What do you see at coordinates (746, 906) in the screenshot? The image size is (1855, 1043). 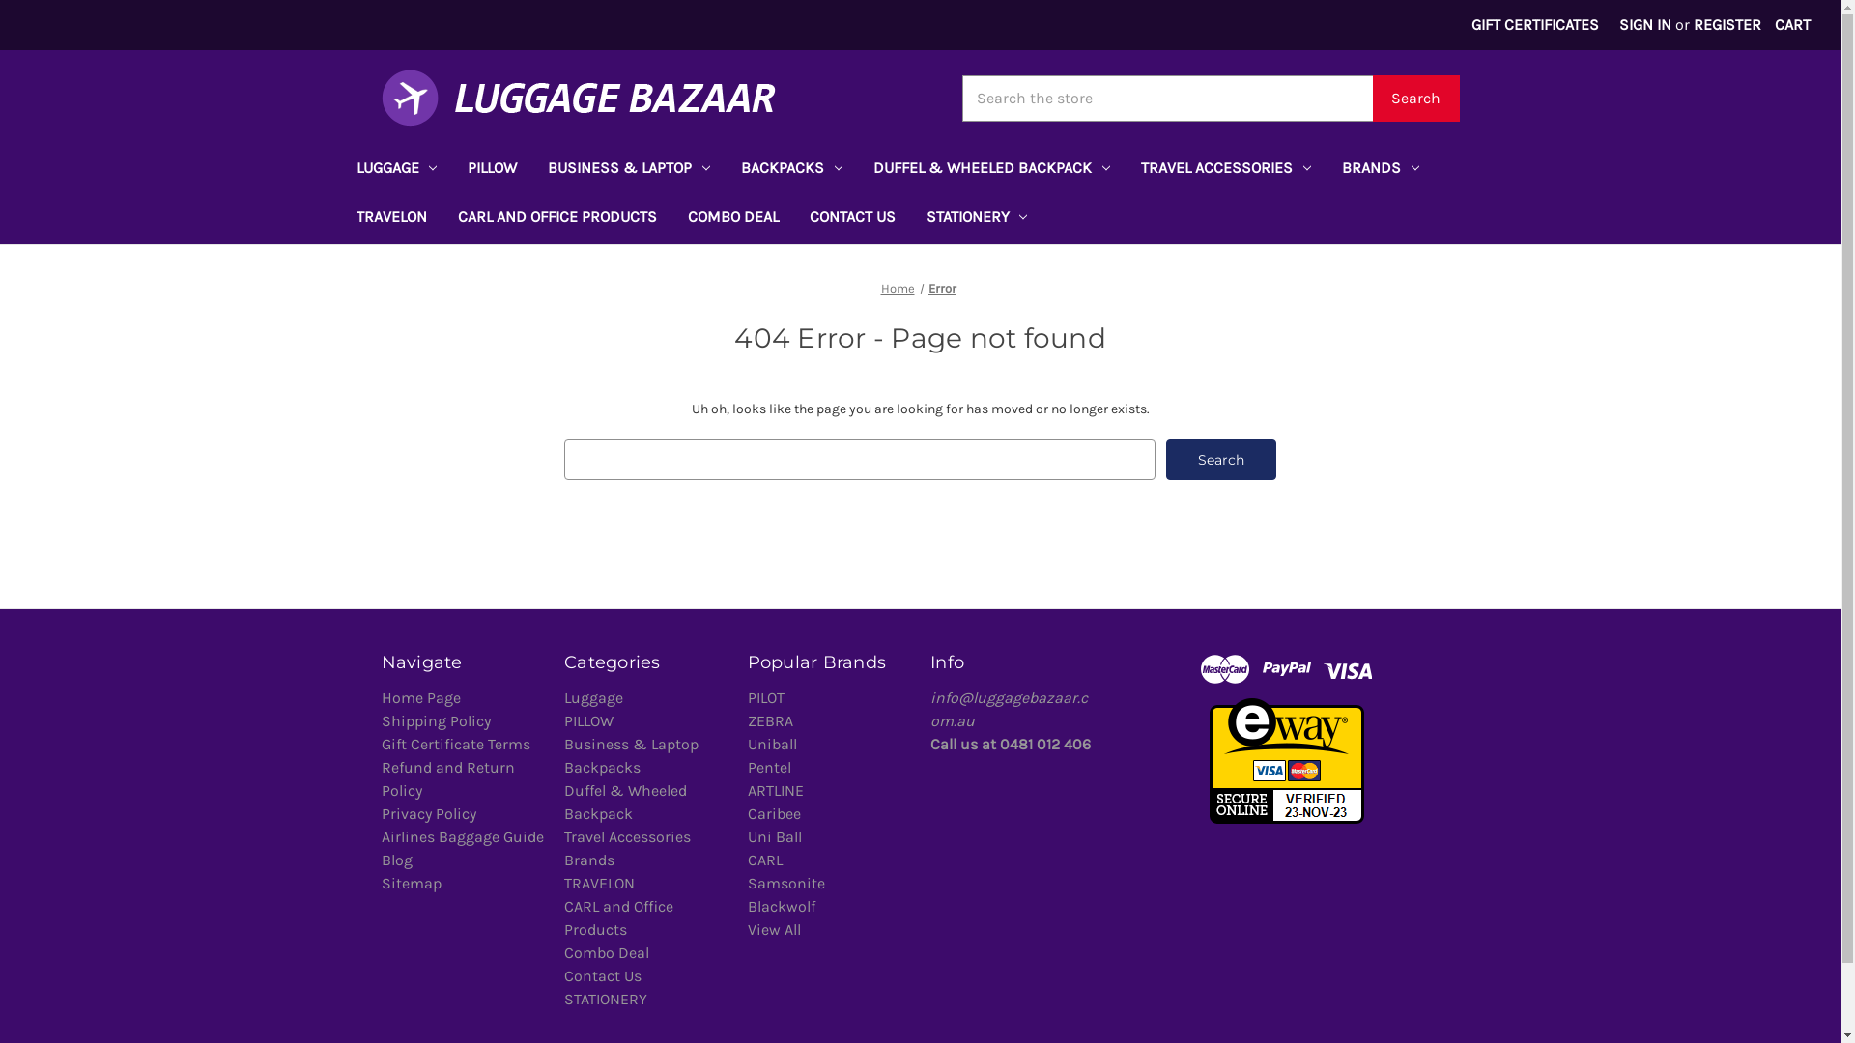 I see `'Blackwolf'` at bounding box center [746, 906].